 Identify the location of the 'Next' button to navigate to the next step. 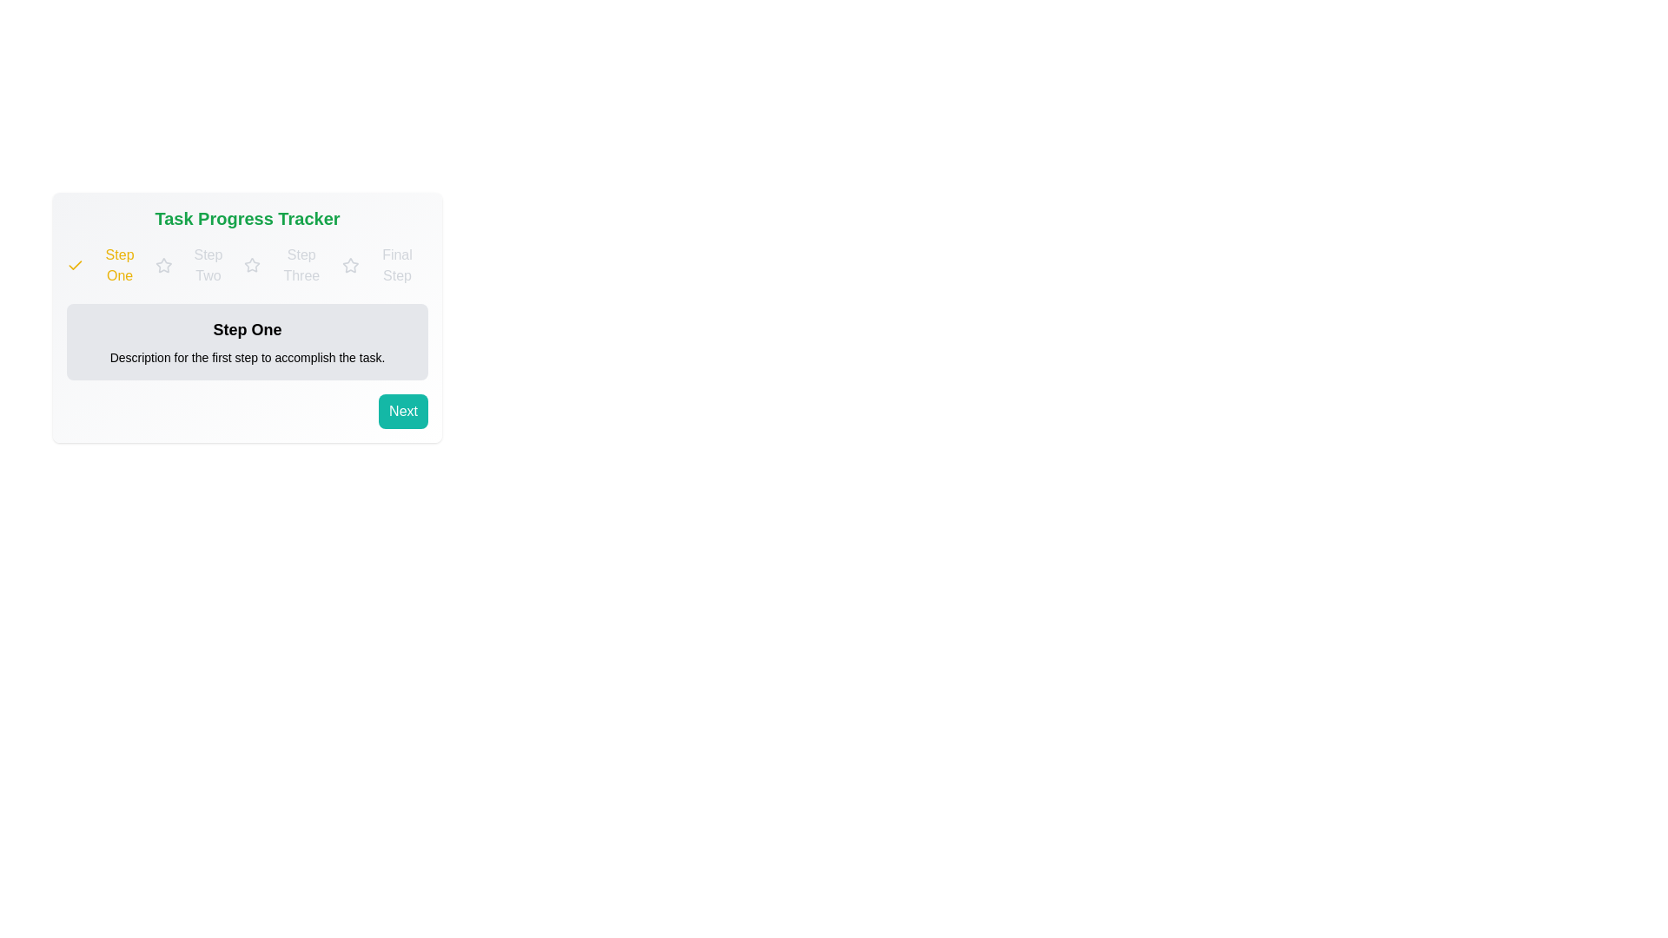
(402, 412).